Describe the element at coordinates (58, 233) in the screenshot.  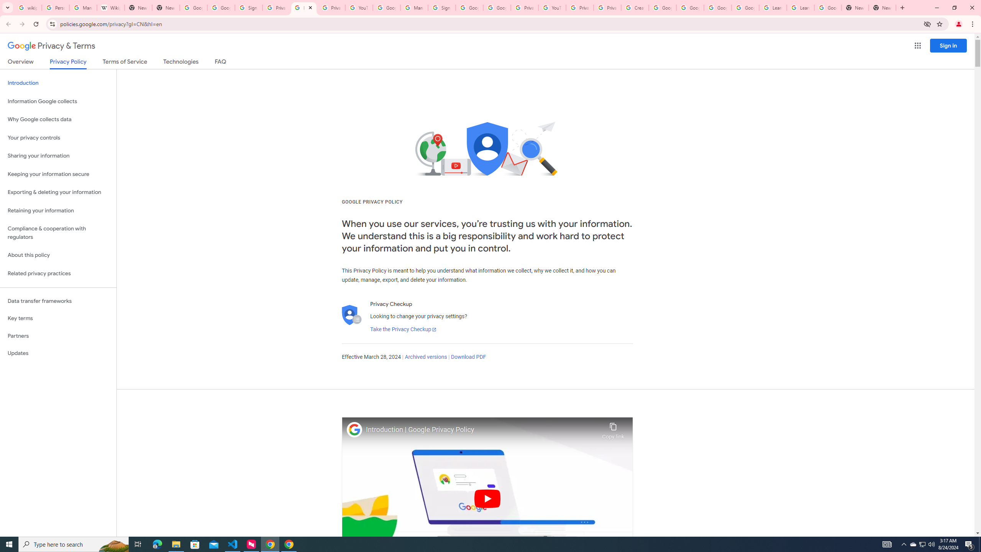
I see `'Compliance & cooperation with regulators'` at that location.